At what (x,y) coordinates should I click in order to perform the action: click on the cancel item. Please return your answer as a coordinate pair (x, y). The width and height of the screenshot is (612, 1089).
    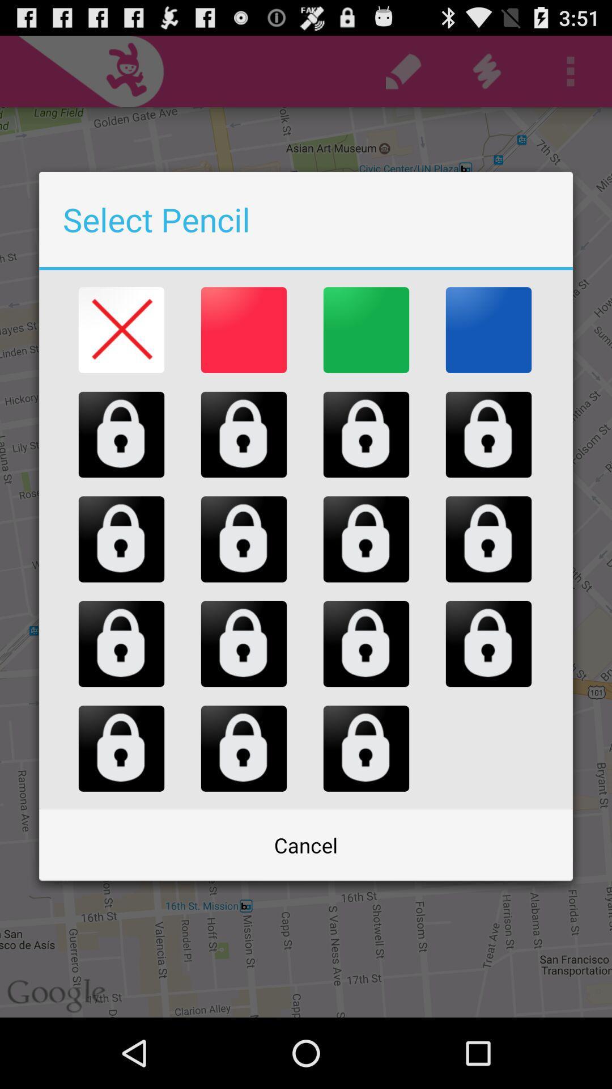
    Looking at the image, I should click on (306, 845).